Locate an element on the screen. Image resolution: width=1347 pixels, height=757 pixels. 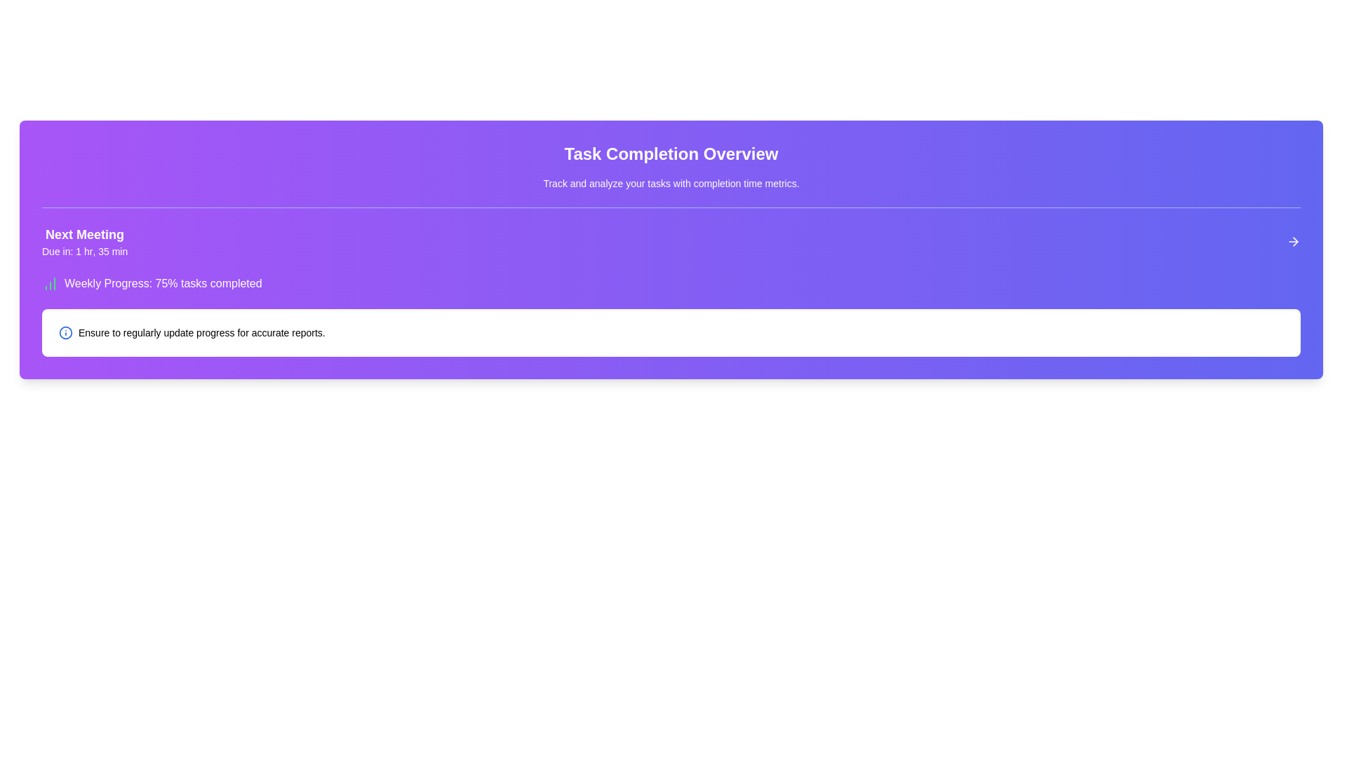
the circular information icon with a blue stroke and white fill, featuring an encircled letter 'i', positioned to the left of the text 'Ensure to regularly update progress for accurate reports.' is located at coordinates (65, 332).